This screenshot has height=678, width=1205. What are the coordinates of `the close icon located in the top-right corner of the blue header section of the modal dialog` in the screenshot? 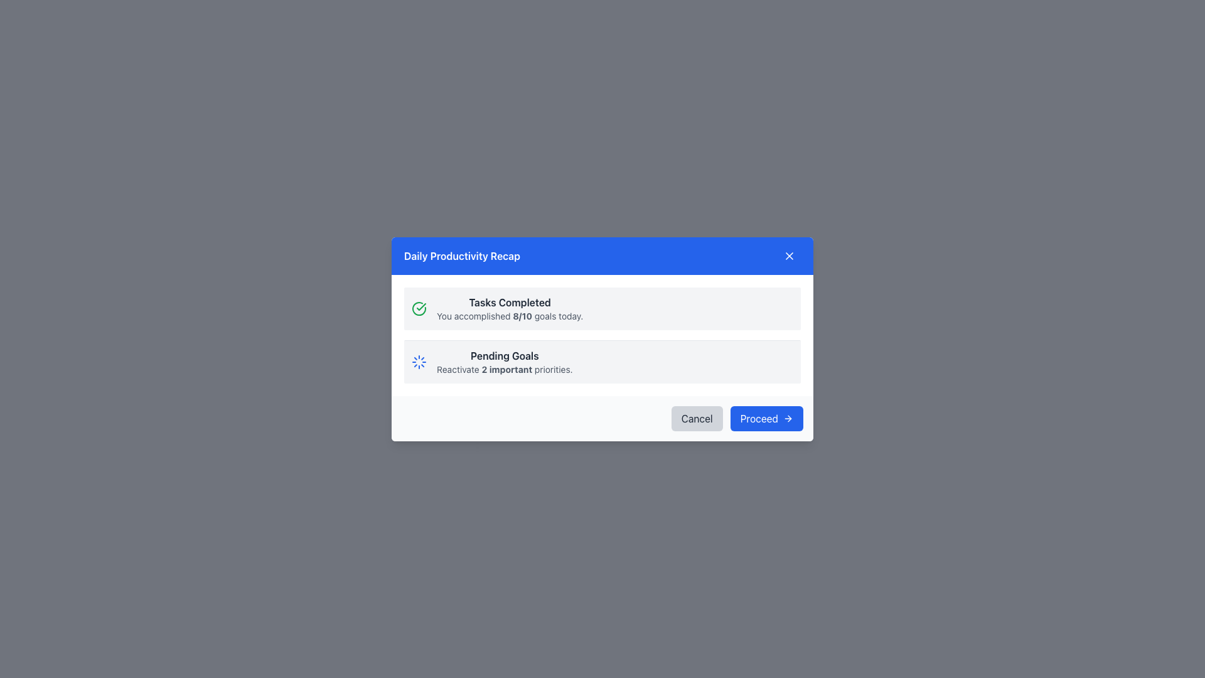 It's located at (788, 255).